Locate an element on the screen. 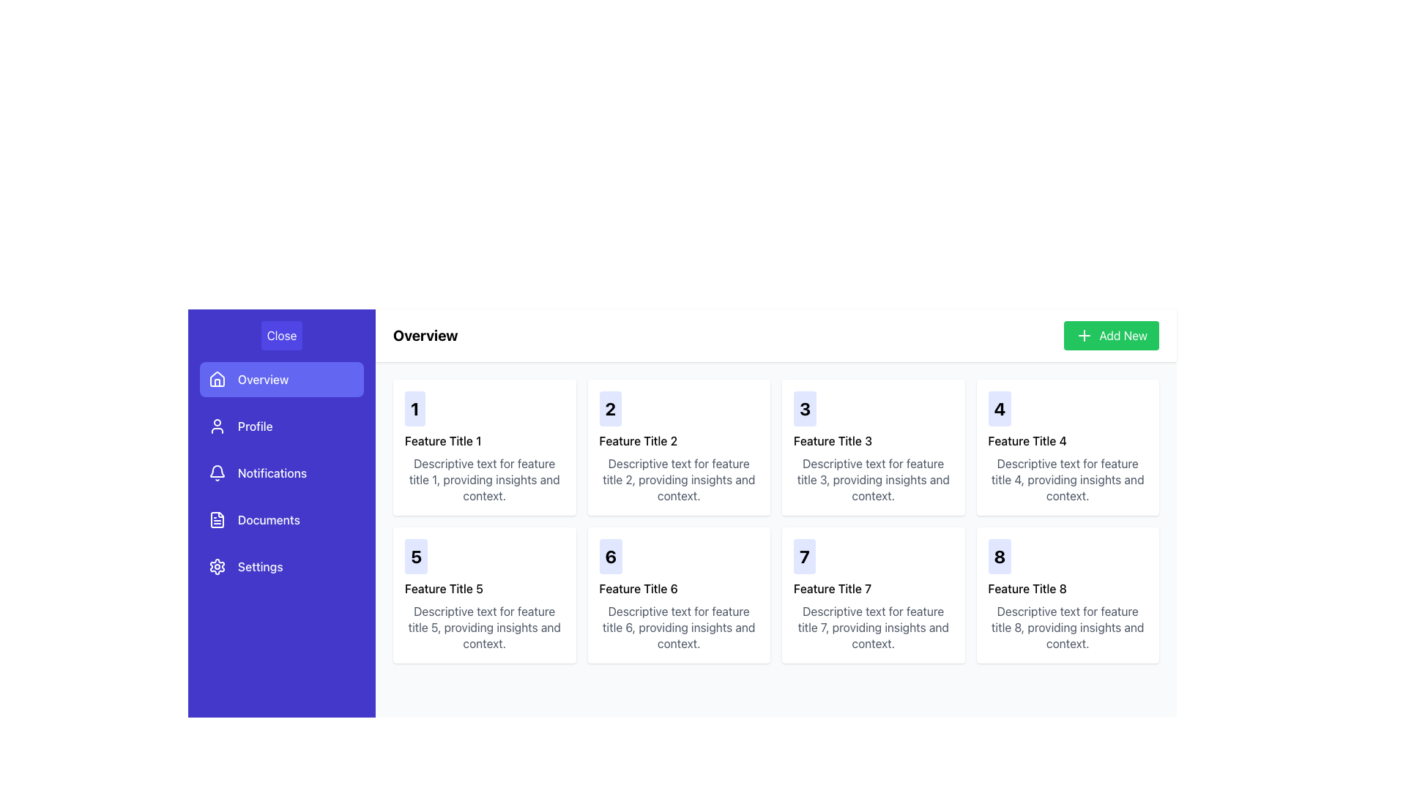 This screenshot has height=790, width=1406. the text label displaying 'Feature Title 7', which is styled in bold and centrally aligned below the number '7' is located at coordinates (833, 588).